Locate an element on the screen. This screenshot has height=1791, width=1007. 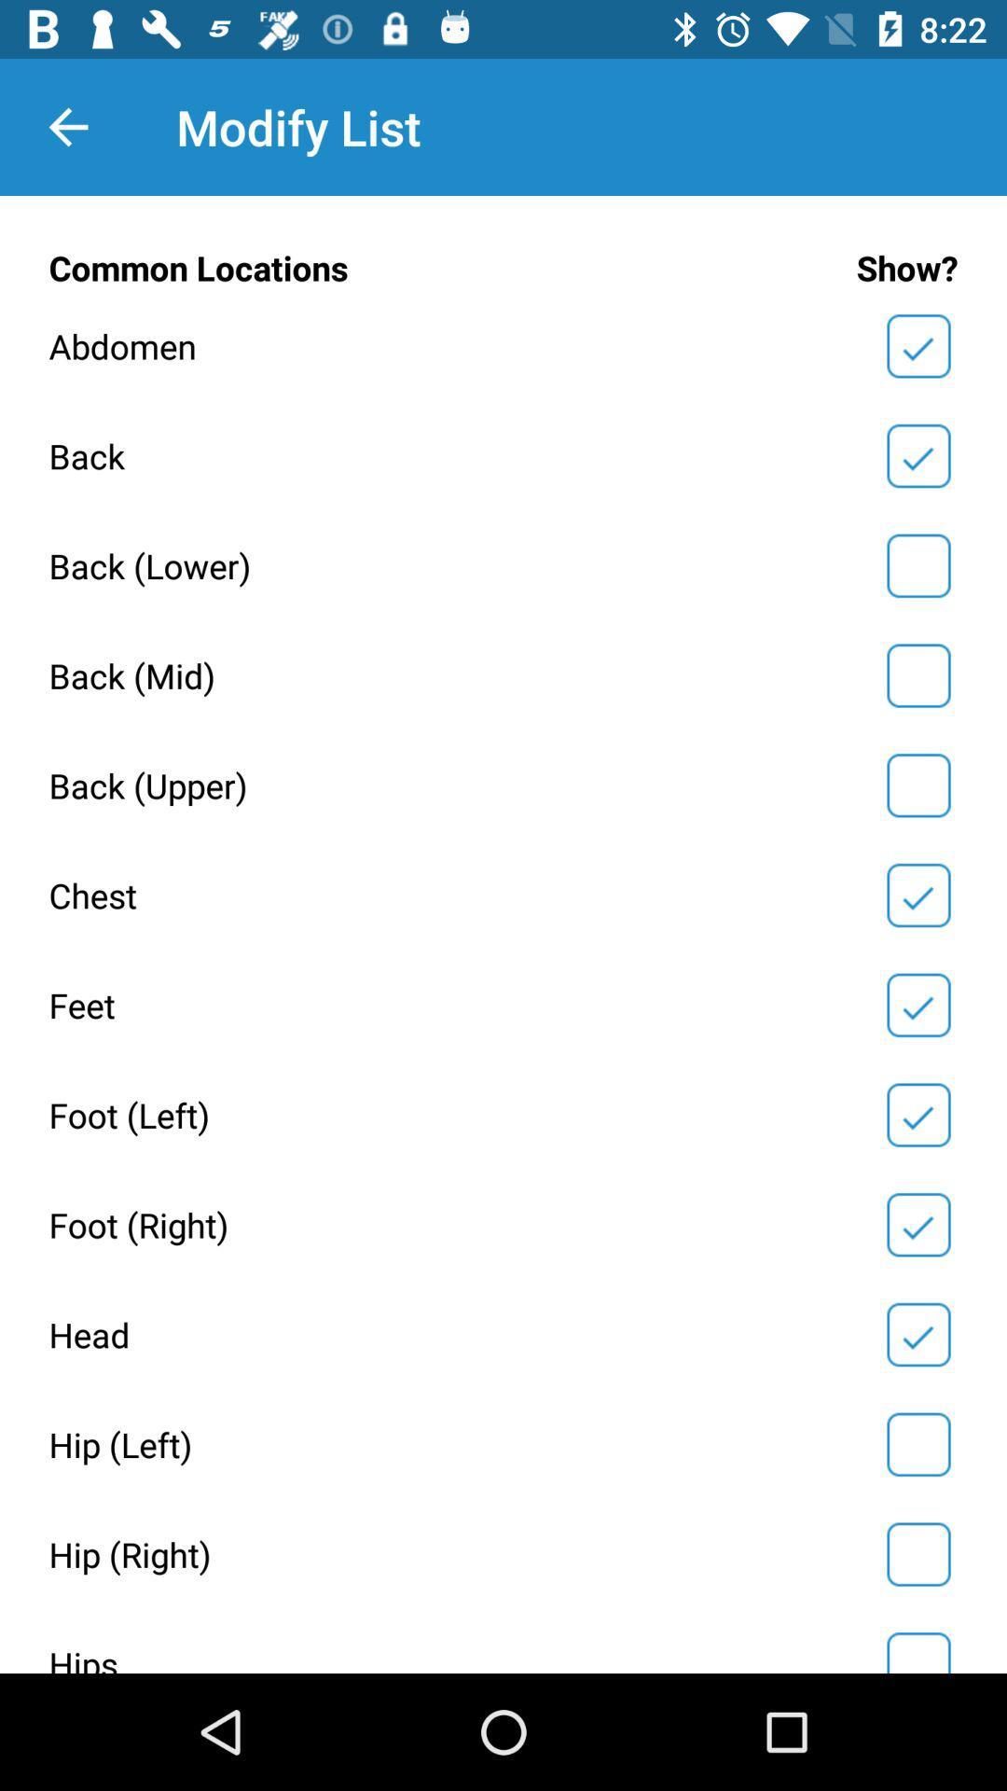
click head is located at coordinates (917, 1333).